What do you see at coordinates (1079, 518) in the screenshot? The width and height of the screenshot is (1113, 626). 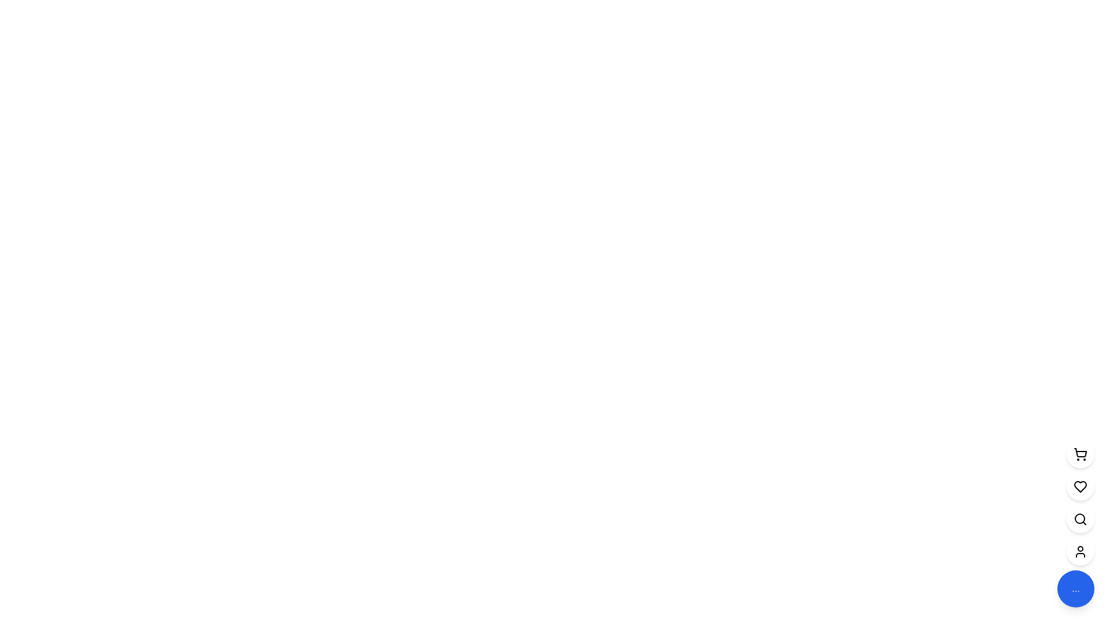 I see `the circular lens portion of the search icon located in the center-left region of the icon, which is the third icon from the bottom in the vertical menu on the right side of the interface` at bounding box center [1079, 518].